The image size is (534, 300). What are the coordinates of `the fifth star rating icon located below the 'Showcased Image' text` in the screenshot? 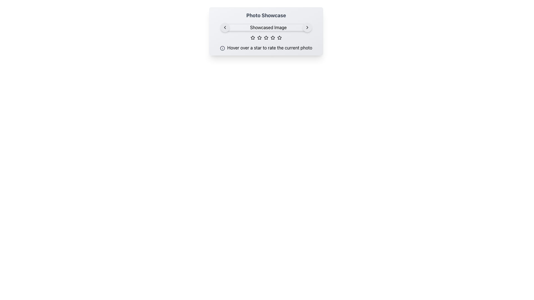 It's located at (279, 37).